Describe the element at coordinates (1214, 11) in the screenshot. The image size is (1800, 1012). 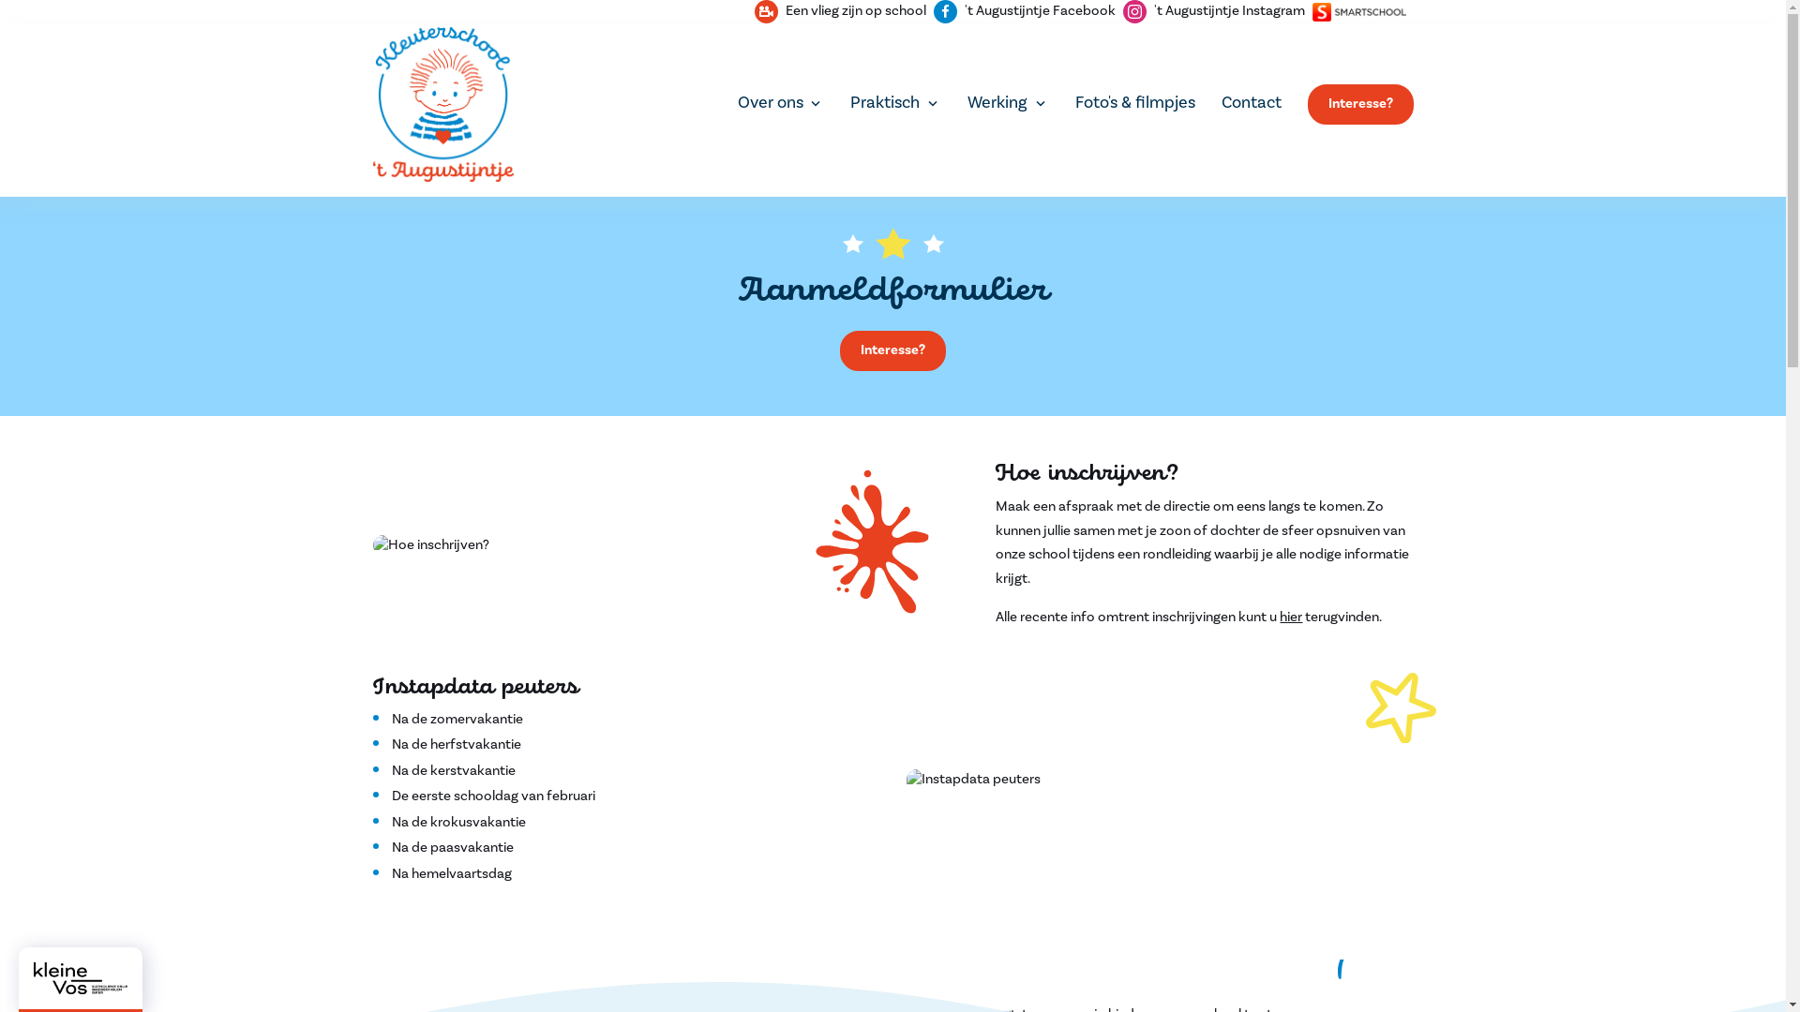
I see `''t Augustijntje Instagram'` at that location.